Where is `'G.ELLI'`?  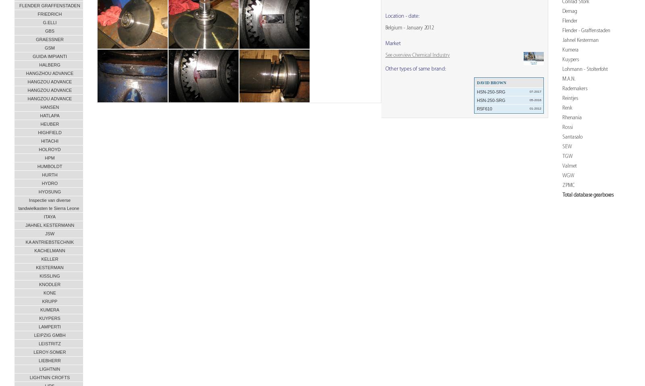 'G.ELLI' is located at coordinates (49, 22).